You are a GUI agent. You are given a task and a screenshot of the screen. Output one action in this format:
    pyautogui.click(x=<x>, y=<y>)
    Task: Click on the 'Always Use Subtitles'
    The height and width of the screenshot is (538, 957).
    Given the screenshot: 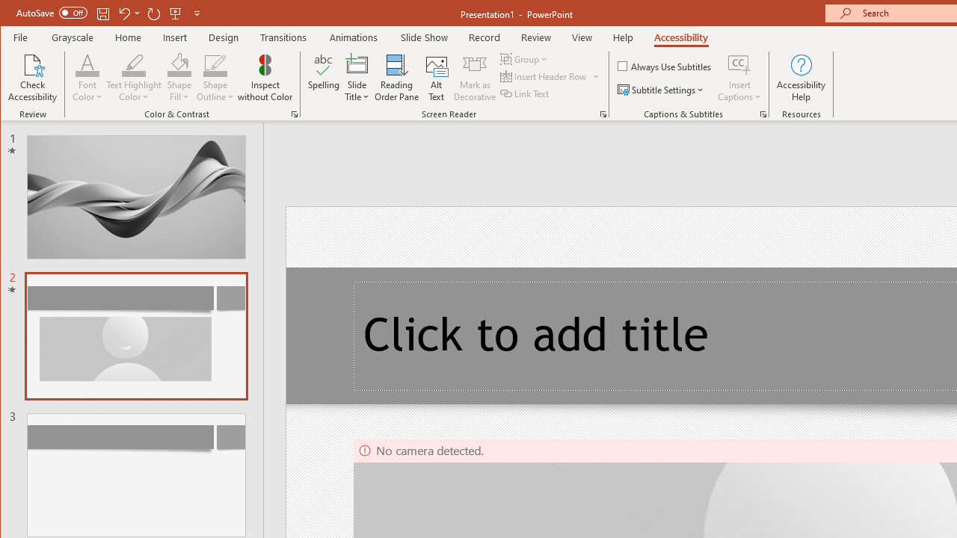 What is the action you would take?
    pyautogui.click(x=665, y=65)
    